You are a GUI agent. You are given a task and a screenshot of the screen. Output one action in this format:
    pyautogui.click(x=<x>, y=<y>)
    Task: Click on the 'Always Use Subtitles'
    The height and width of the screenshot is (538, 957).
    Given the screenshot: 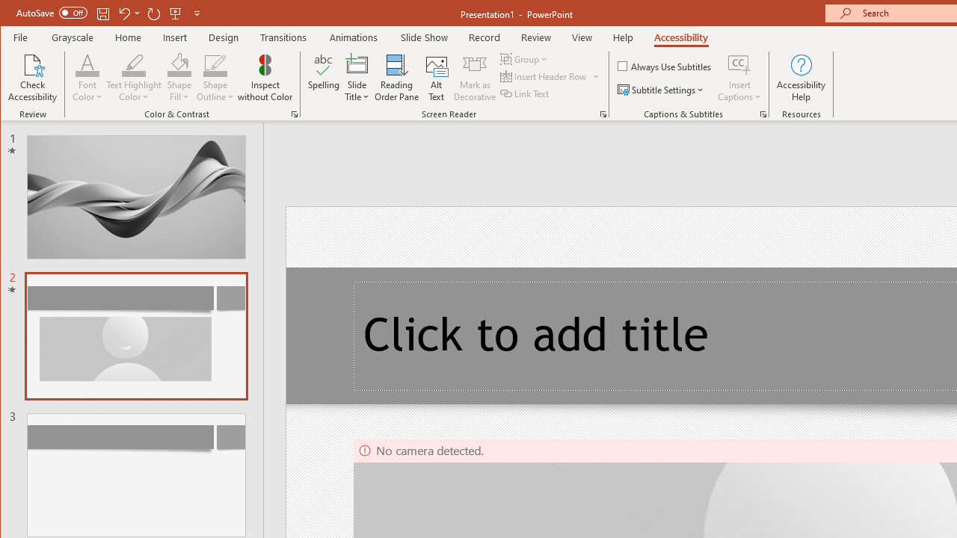 What is the action you would take?
    pyautogui.click(x=665, y=65)
    